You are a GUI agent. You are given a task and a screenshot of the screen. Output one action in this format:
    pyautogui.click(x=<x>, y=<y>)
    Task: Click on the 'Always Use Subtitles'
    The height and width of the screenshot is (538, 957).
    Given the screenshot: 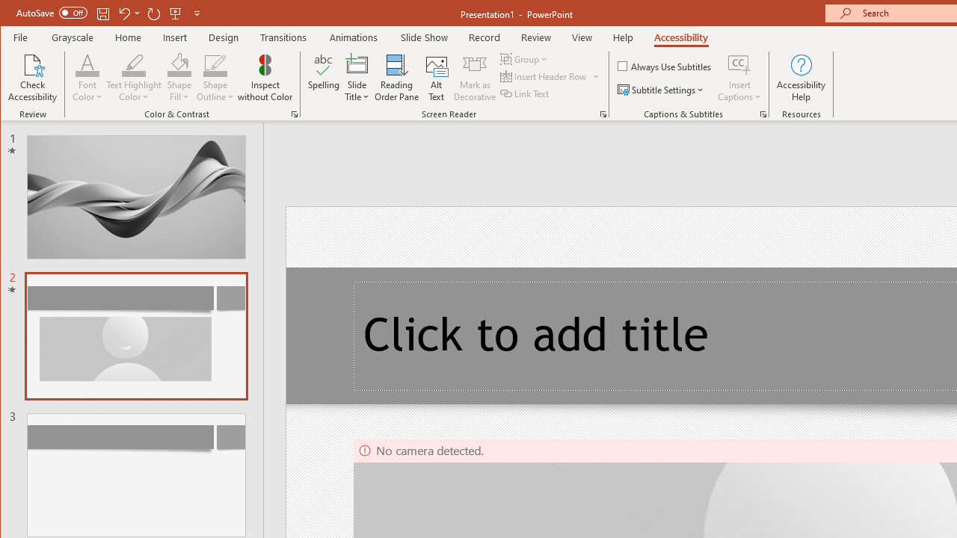 What is the action you would take?
    pyautogui.click(x=665, y=65)
    